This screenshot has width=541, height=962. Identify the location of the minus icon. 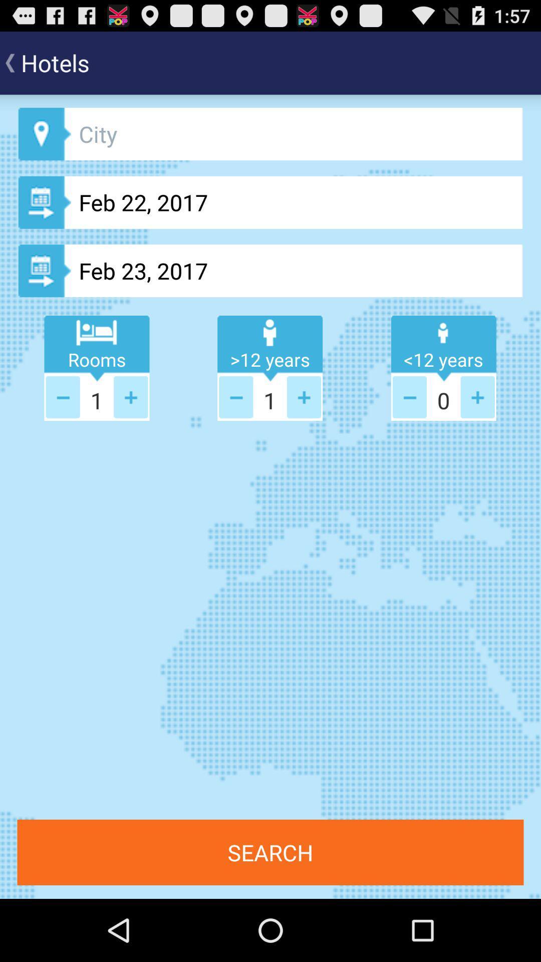
(63, 425).